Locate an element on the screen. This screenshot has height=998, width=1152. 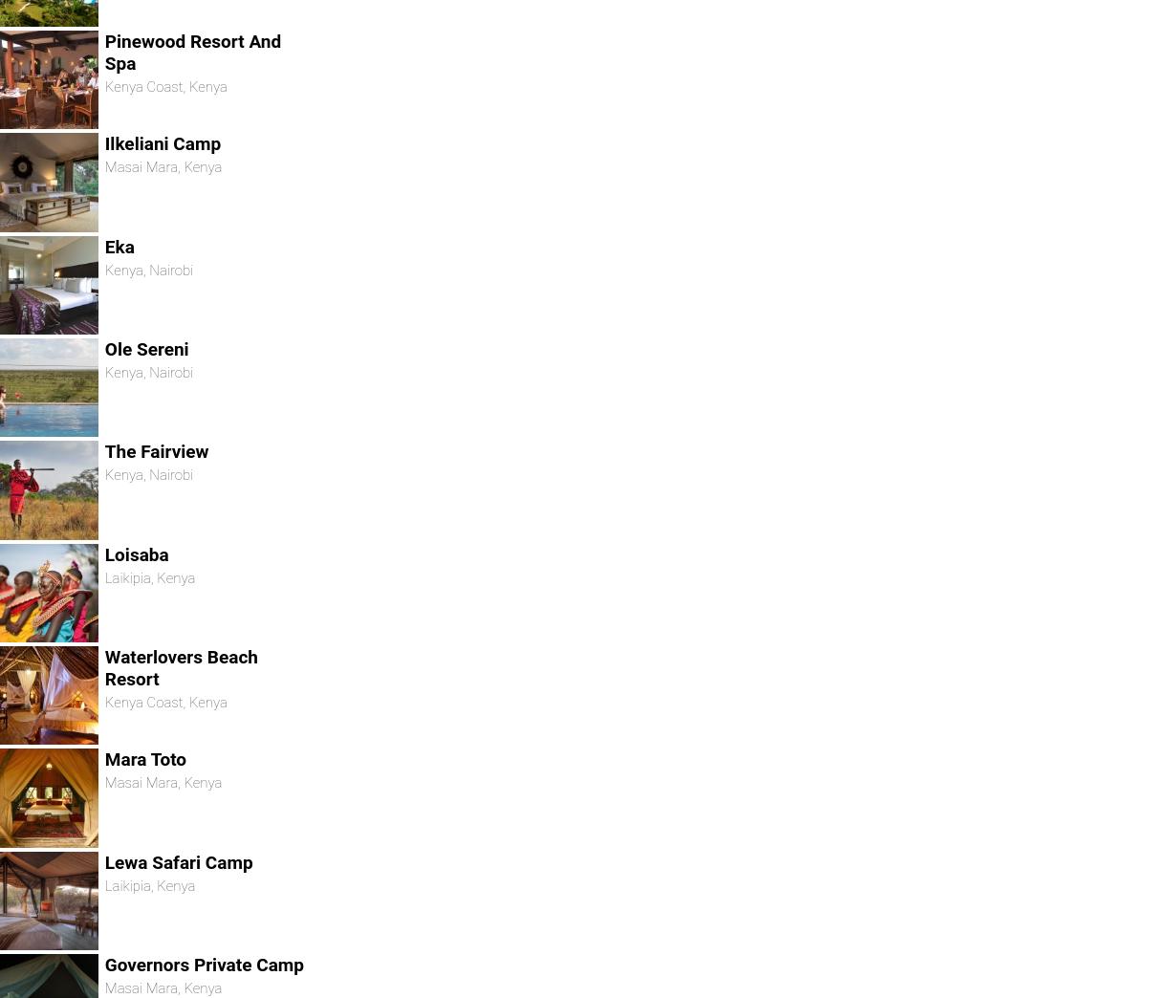
'The Fairview' is located at coordinates (155, 451).